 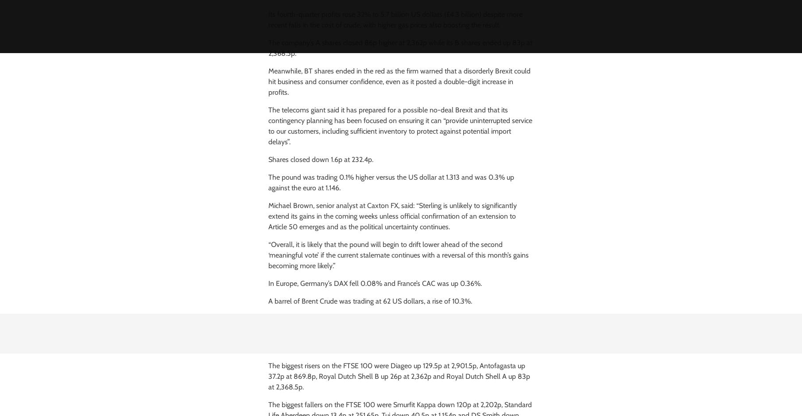 What do you see at coordinates (268, 182) in the screenshot?
I see `'The pound was trading 0.1% higher versus the US dollar at 1.313 and was 0.3% up against the euro at 1.146.'` at bounding box center [268, 182].